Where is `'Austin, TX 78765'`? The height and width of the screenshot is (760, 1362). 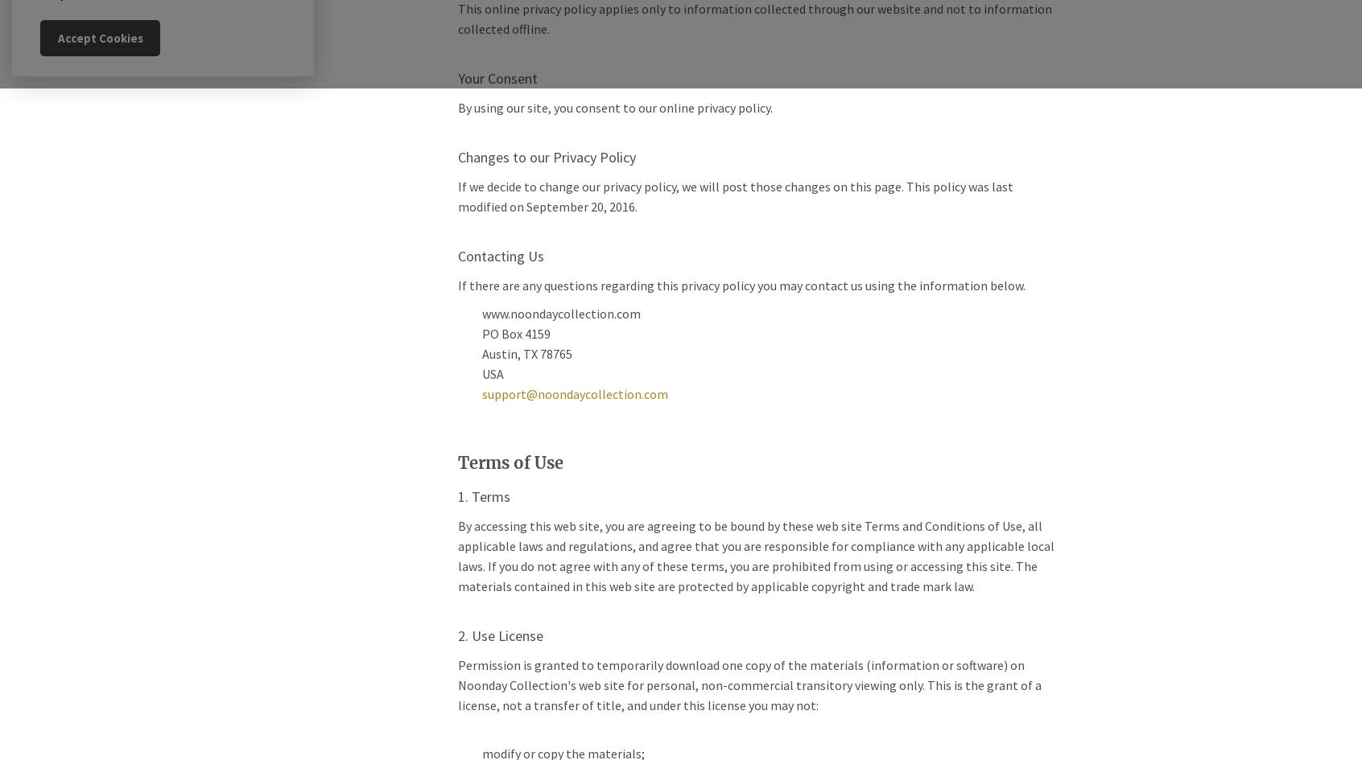
'Austin, TX 78765' is located at coordinates (526, 353).